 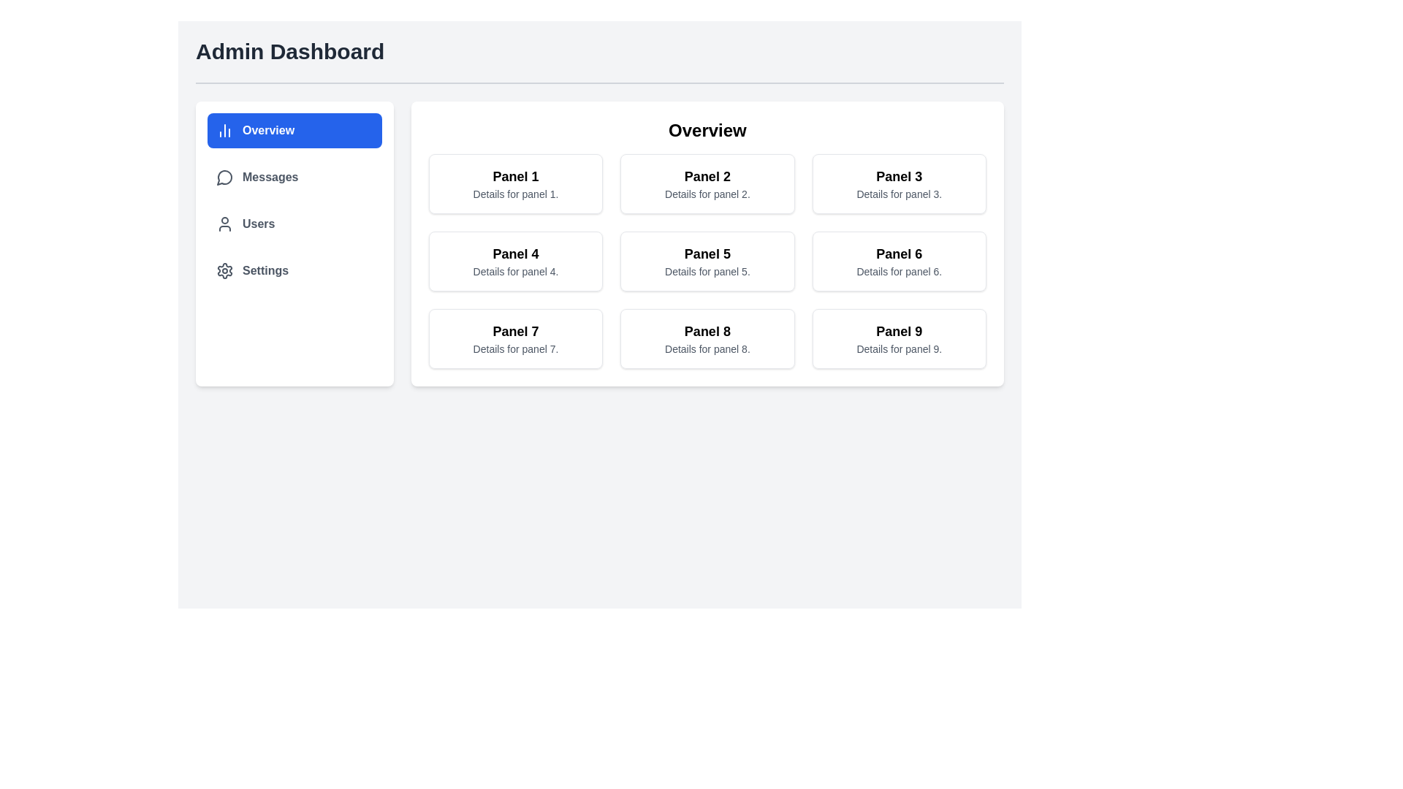 I want to click on the 'Panel 9' text label located at the top of the bottom right card in the 'Overview' section, so click(x=898, y=332).